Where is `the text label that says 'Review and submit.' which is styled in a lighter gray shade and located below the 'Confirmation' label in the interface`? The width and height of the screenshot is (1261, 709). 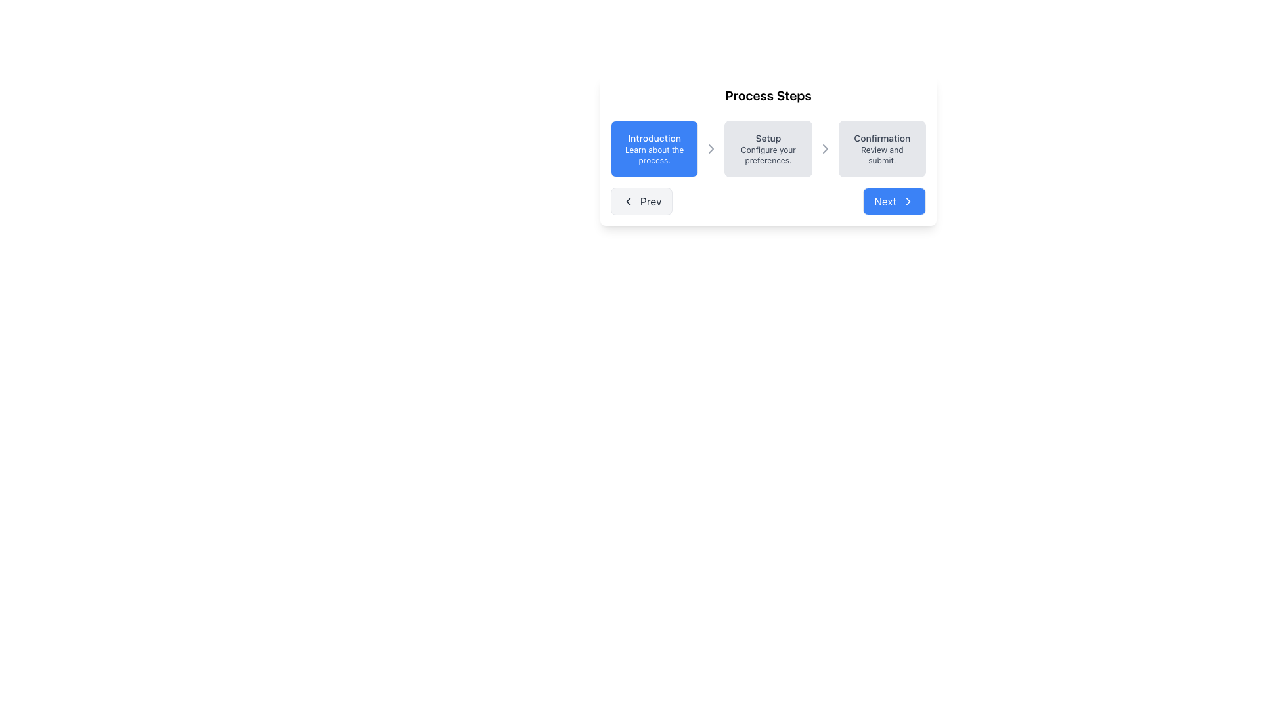
the text label that says 'Review and submit.' which is styled in a lighter gray shade and located below the 'Confirmation' label in the interface is located at coordinates (882, 154).